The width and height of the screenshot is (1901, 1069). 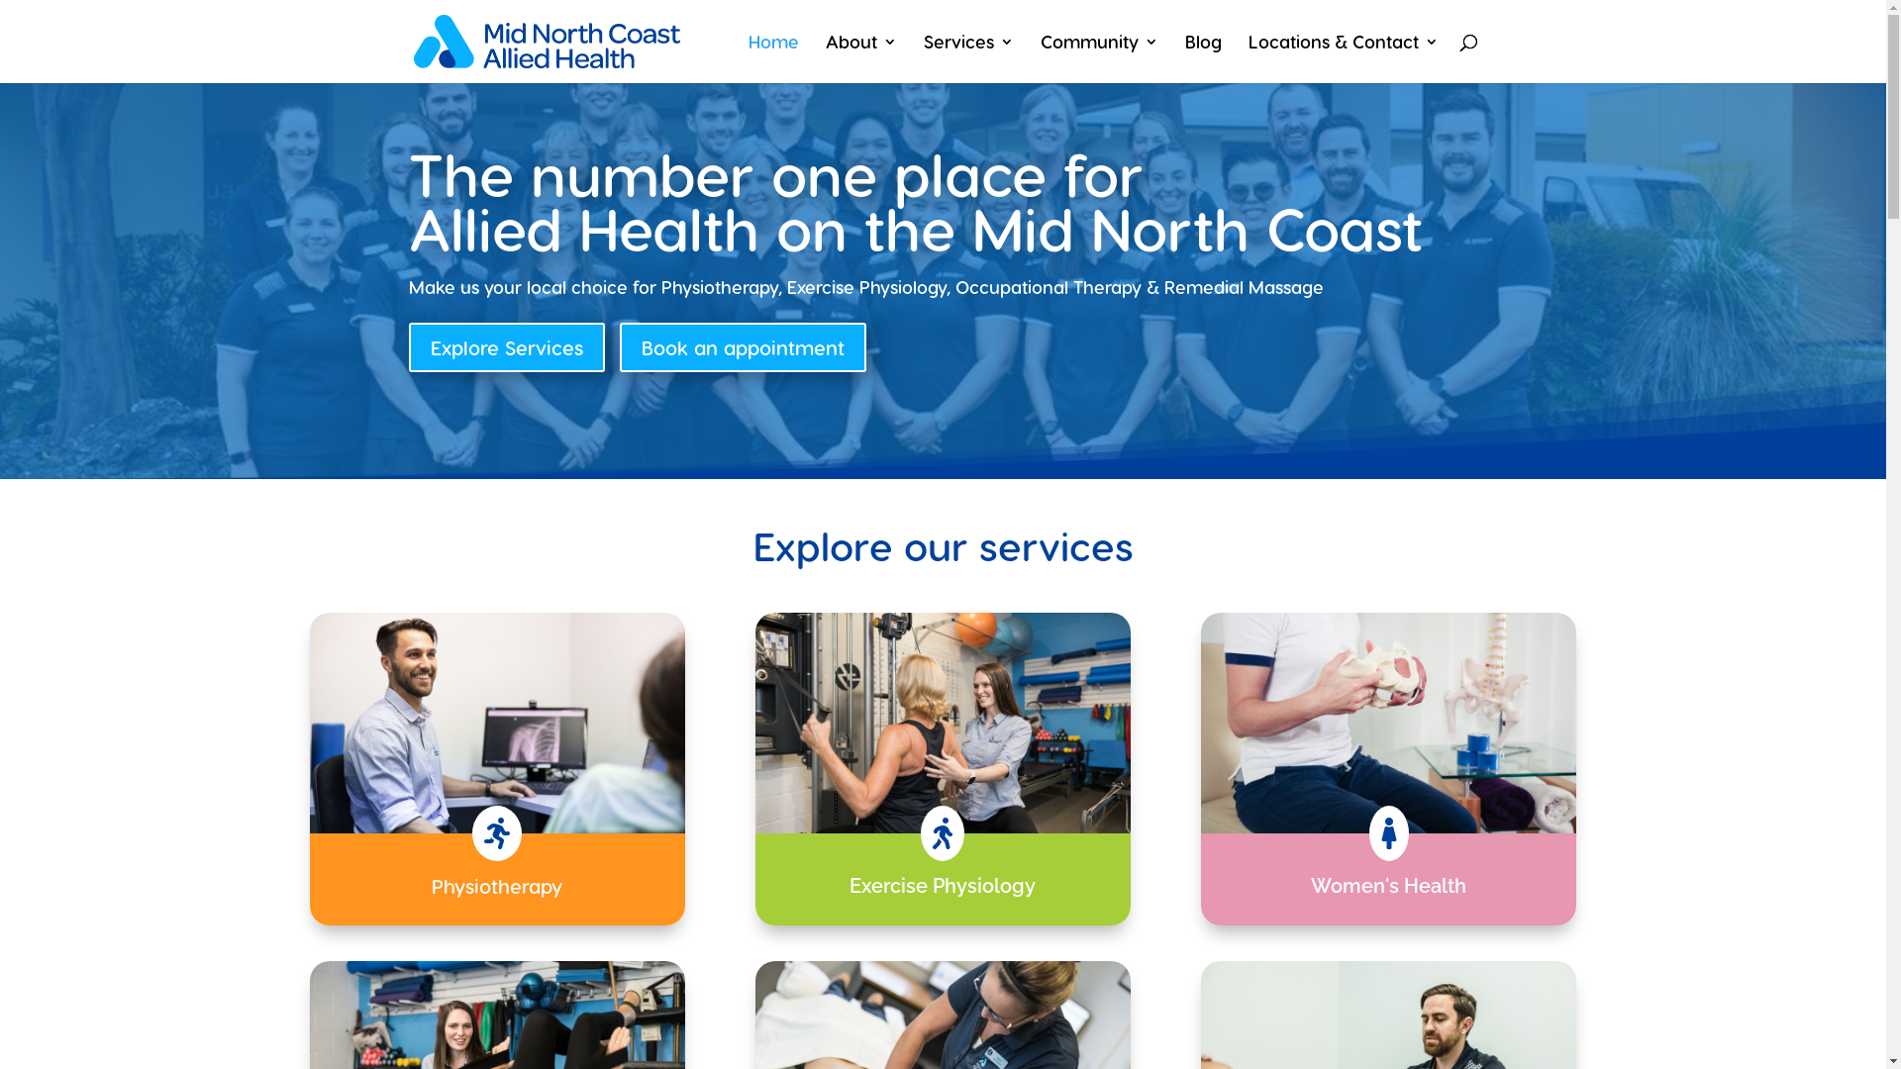 I want to click on 'Book an appointment', so click(x=618, y=346).